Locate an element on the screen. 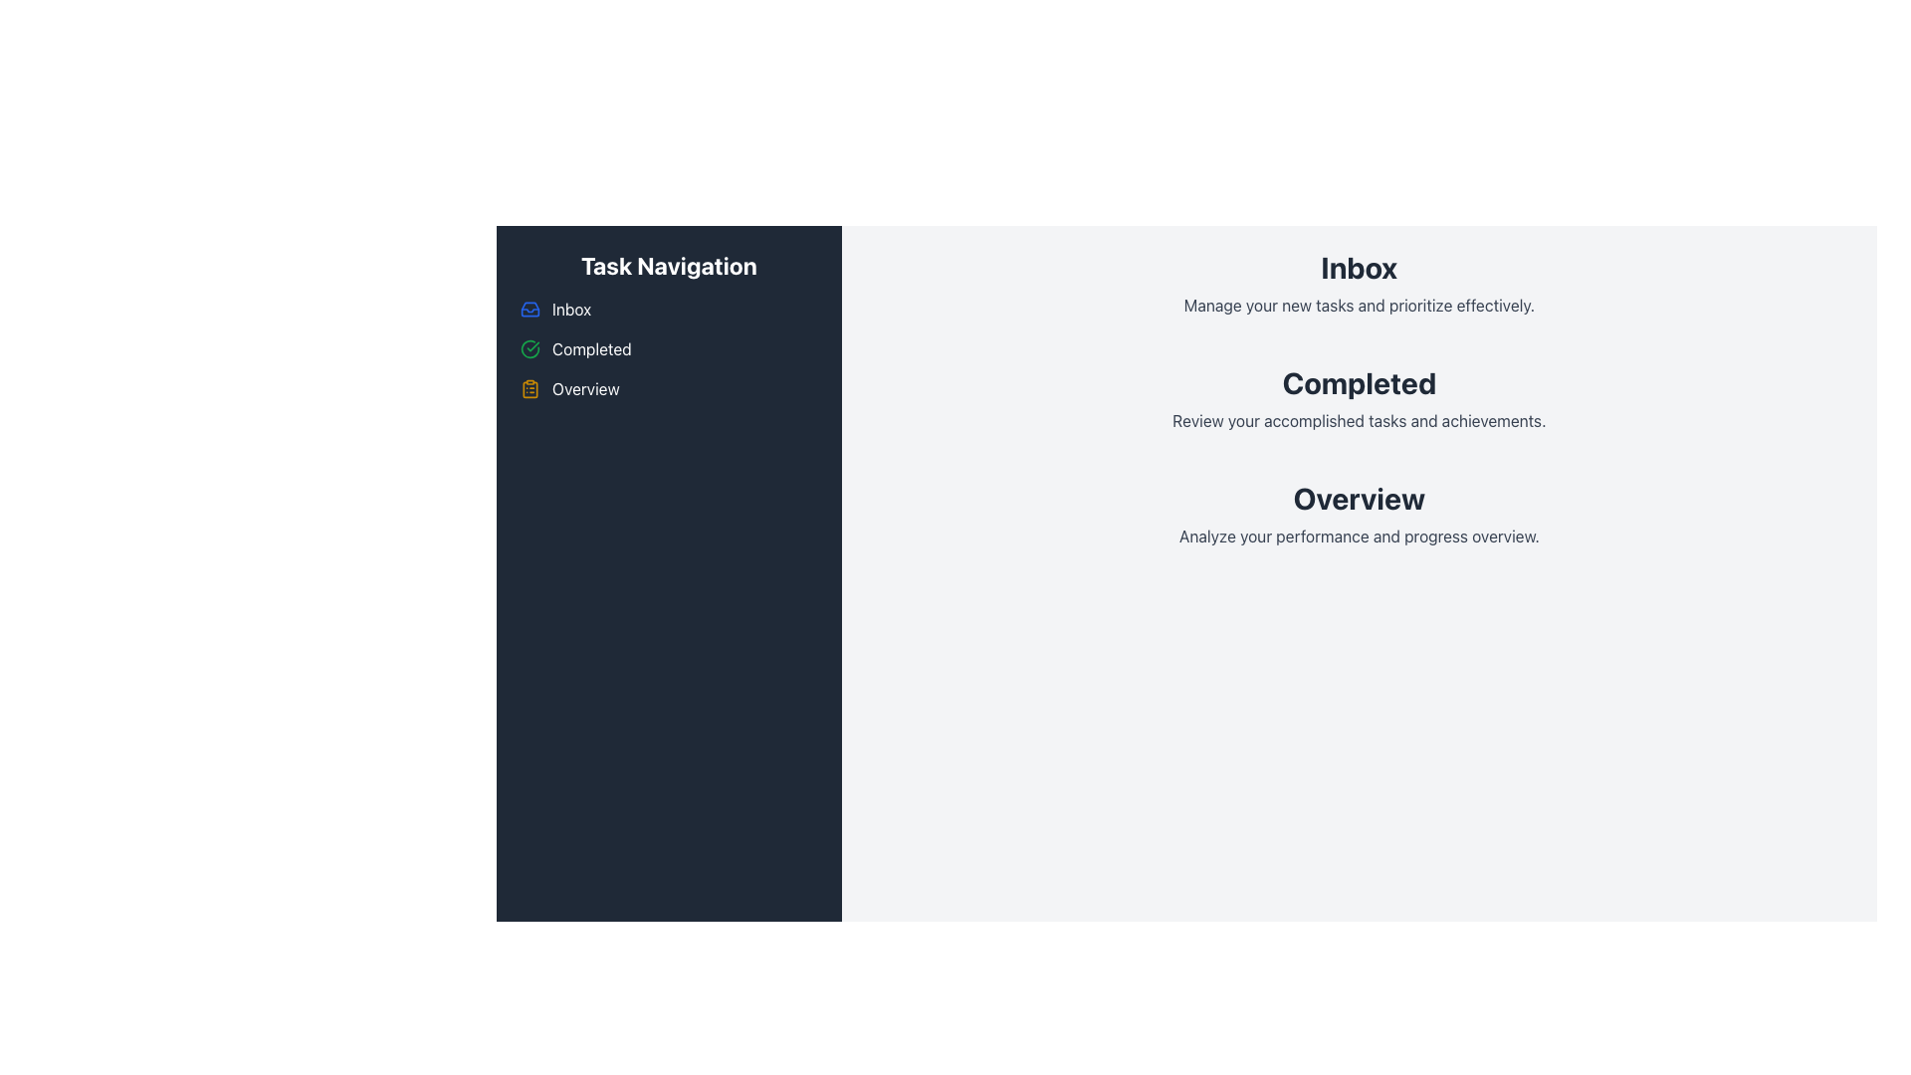 Image resolution: width=1911 pixels, height=1075 pixels. SVG code of the circular checkmark icon located inside the 'Completed' navigation item in the 'Task Navigation' sidebar is located at coordinates (530, 348).